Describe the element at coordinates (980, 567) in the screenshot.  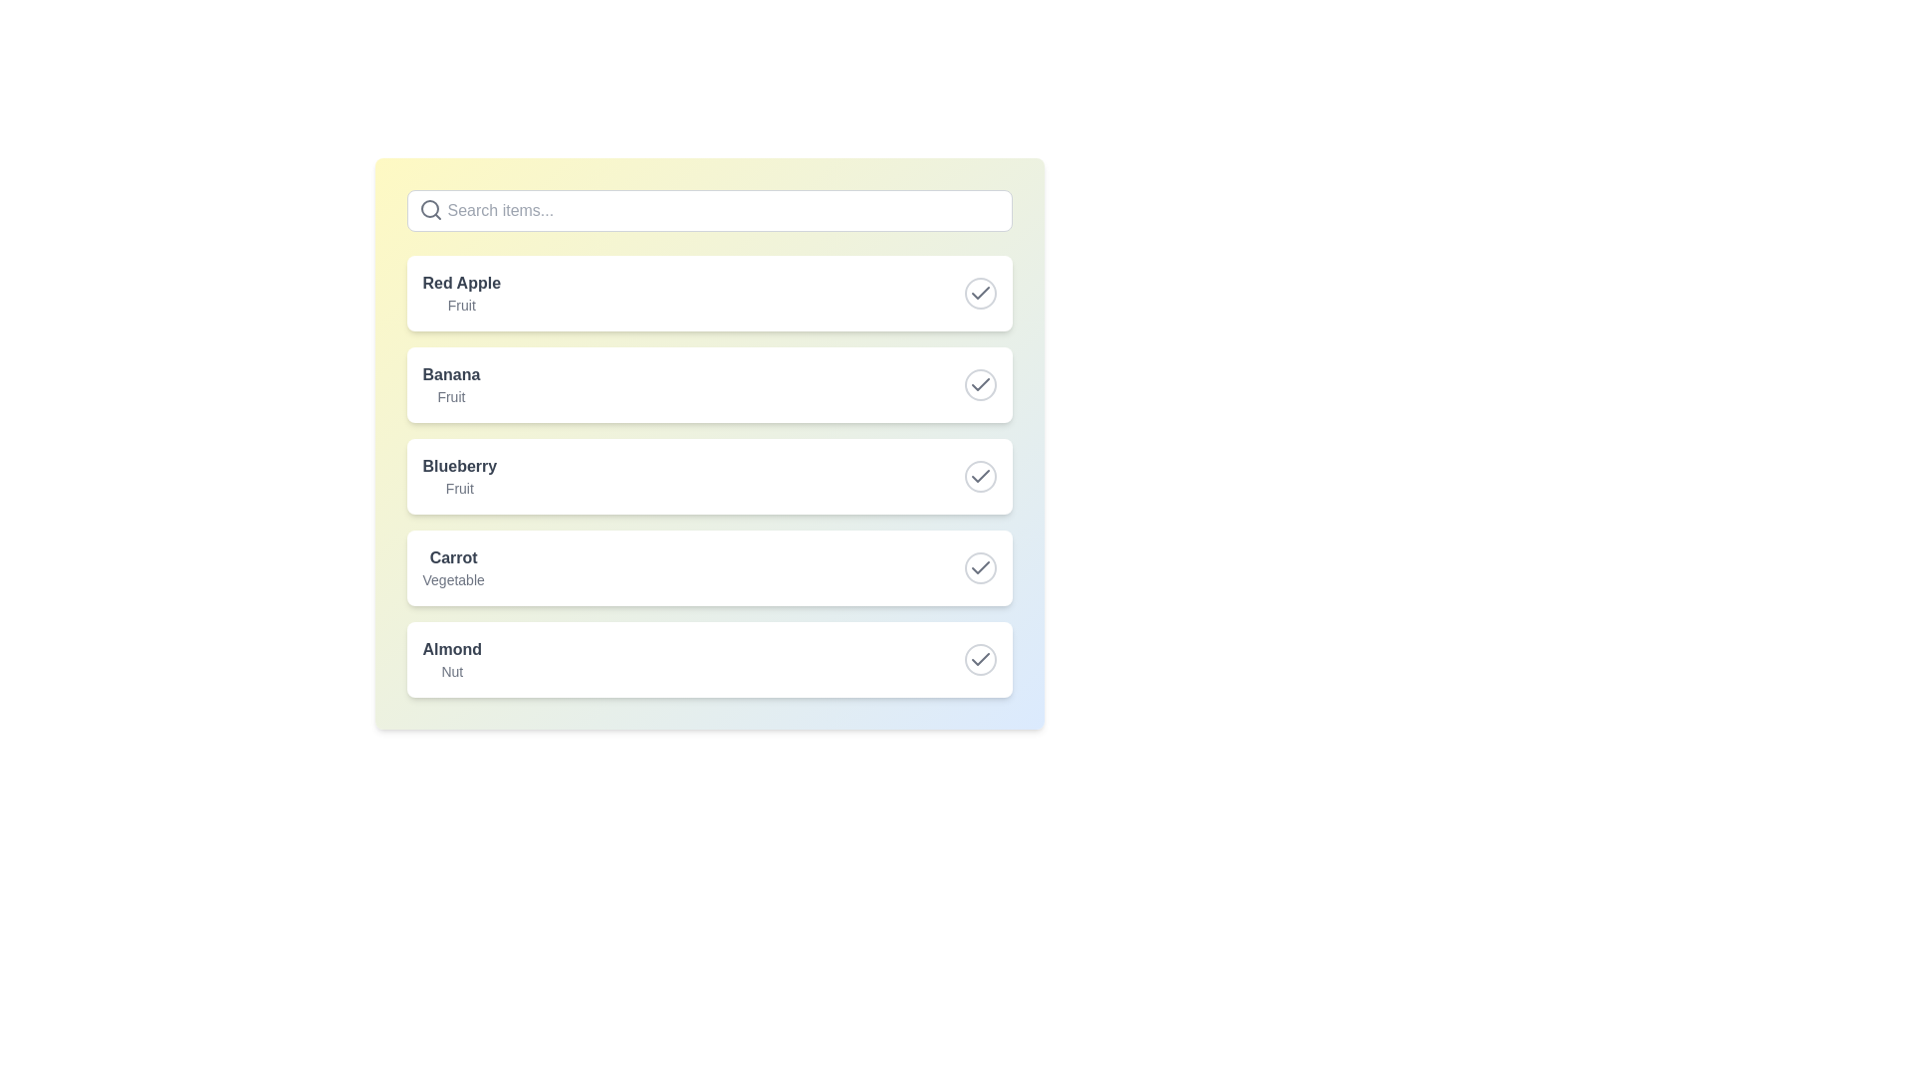
I see `the graphical checkmark icon located in the far right section of the 'Carrot - Vegetable' list item` at that location.